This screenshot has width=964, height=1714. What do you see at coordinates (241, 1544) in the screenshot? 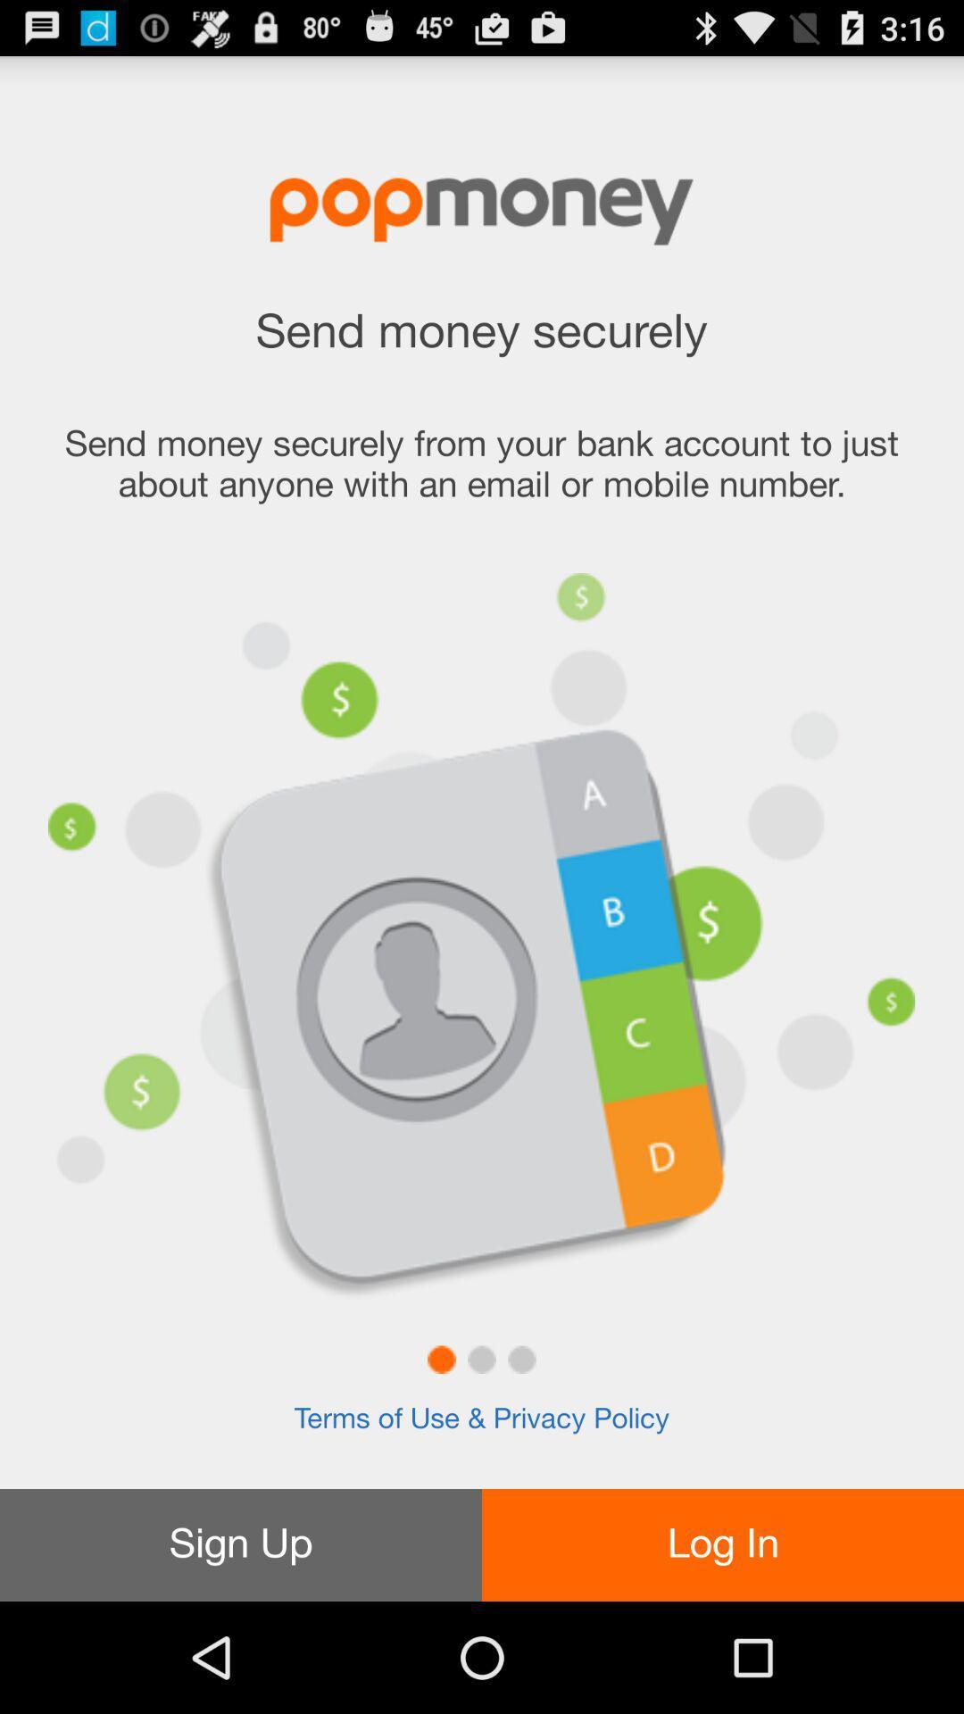
I see `item next to the log in item` at bounding box center [241, 1544].